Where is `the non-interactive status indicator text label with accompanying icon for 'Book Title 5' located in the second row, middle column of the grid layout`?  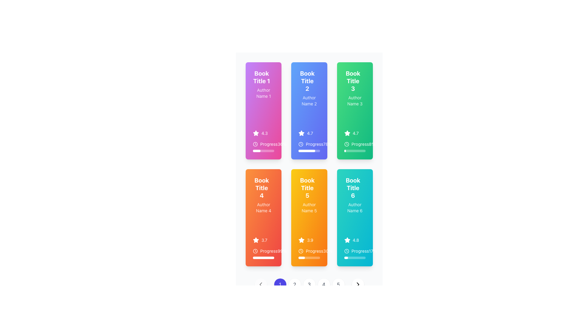
the non-interactive status indicator text label with accompanying icon for 'Book Title 5' located in the second row, middle column of the grid layout is located at coordinates (309, 251).